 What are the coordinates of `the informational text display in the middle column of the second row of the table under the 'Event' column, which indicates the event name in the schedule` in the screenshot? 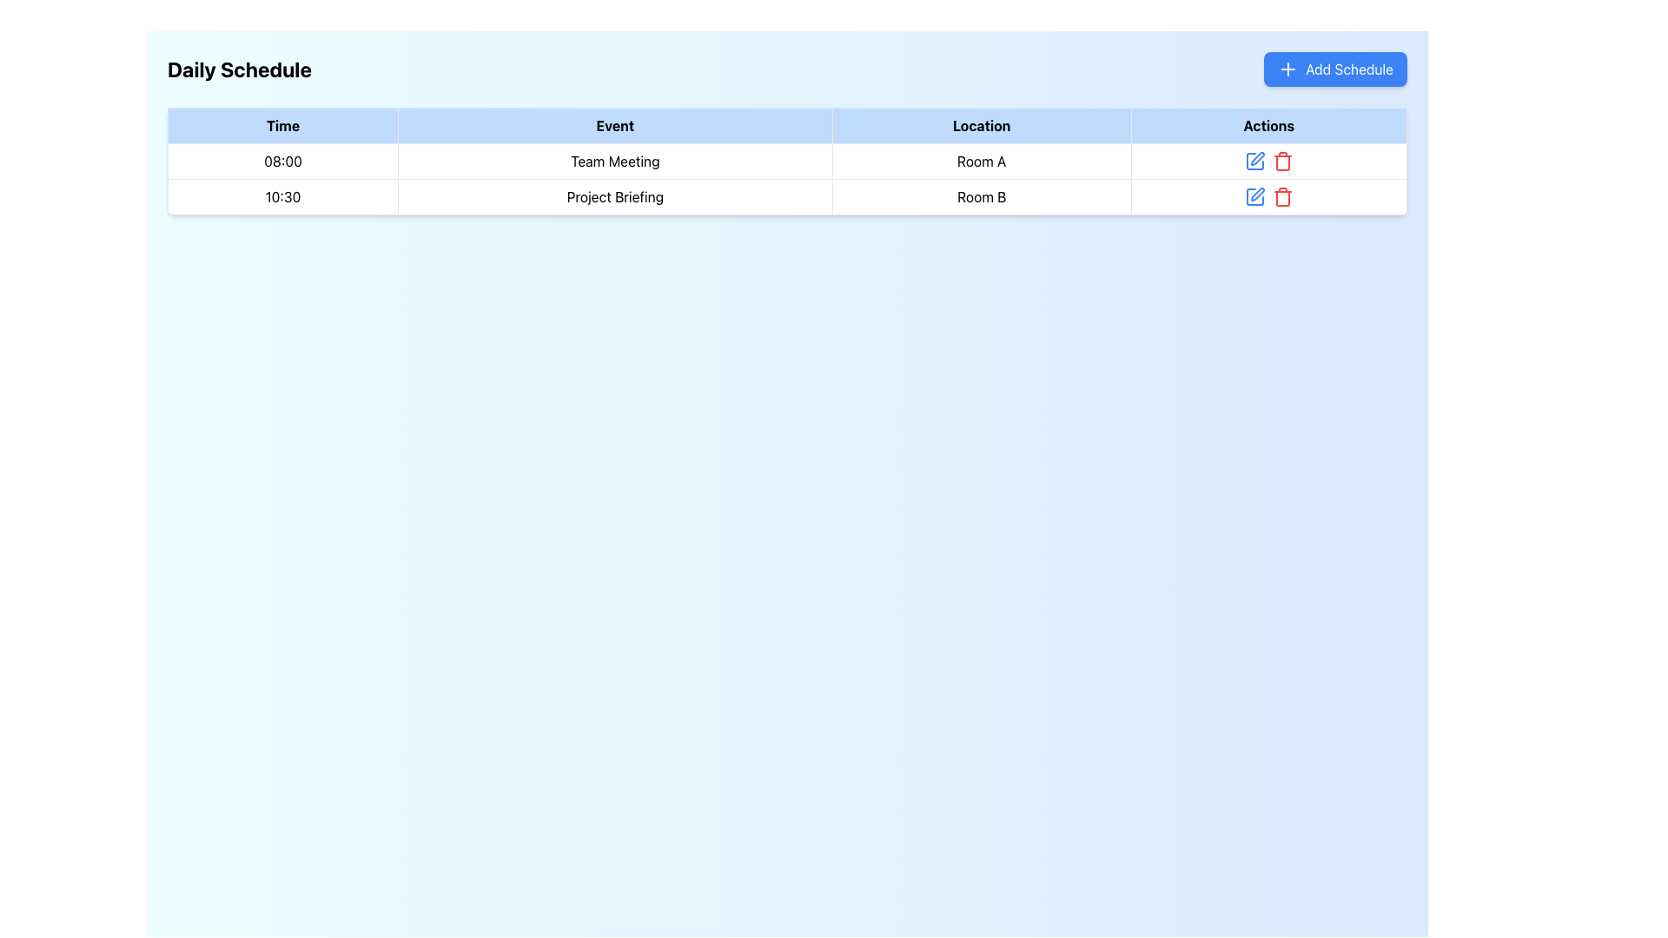 It's located at (615, 196).